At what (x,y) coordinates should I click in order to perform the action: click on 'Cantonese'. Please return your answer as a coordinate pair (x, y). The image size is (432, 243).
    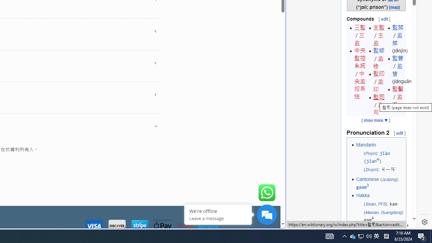
    Looking at the image, I should click on (367, 179).